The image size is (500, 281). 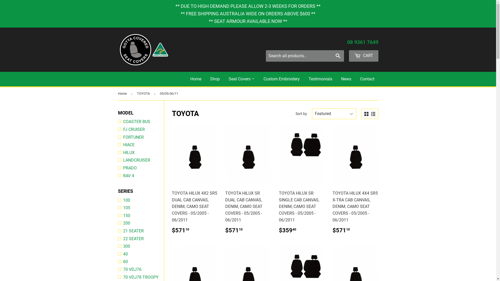 What do you see at coordinates (366, 114) in the screenshot?
I see `'Grid view'` at bounding box center [366, 114].